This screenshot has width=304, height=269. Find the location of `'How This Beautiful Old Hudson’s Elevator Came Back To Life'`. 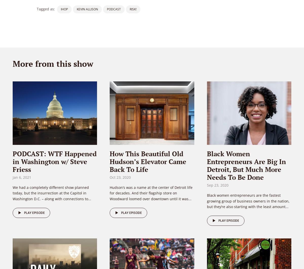

'How This Beautiful Old Hudson’s Elevator Came Back To Life' is located at coordinates (148, 161).